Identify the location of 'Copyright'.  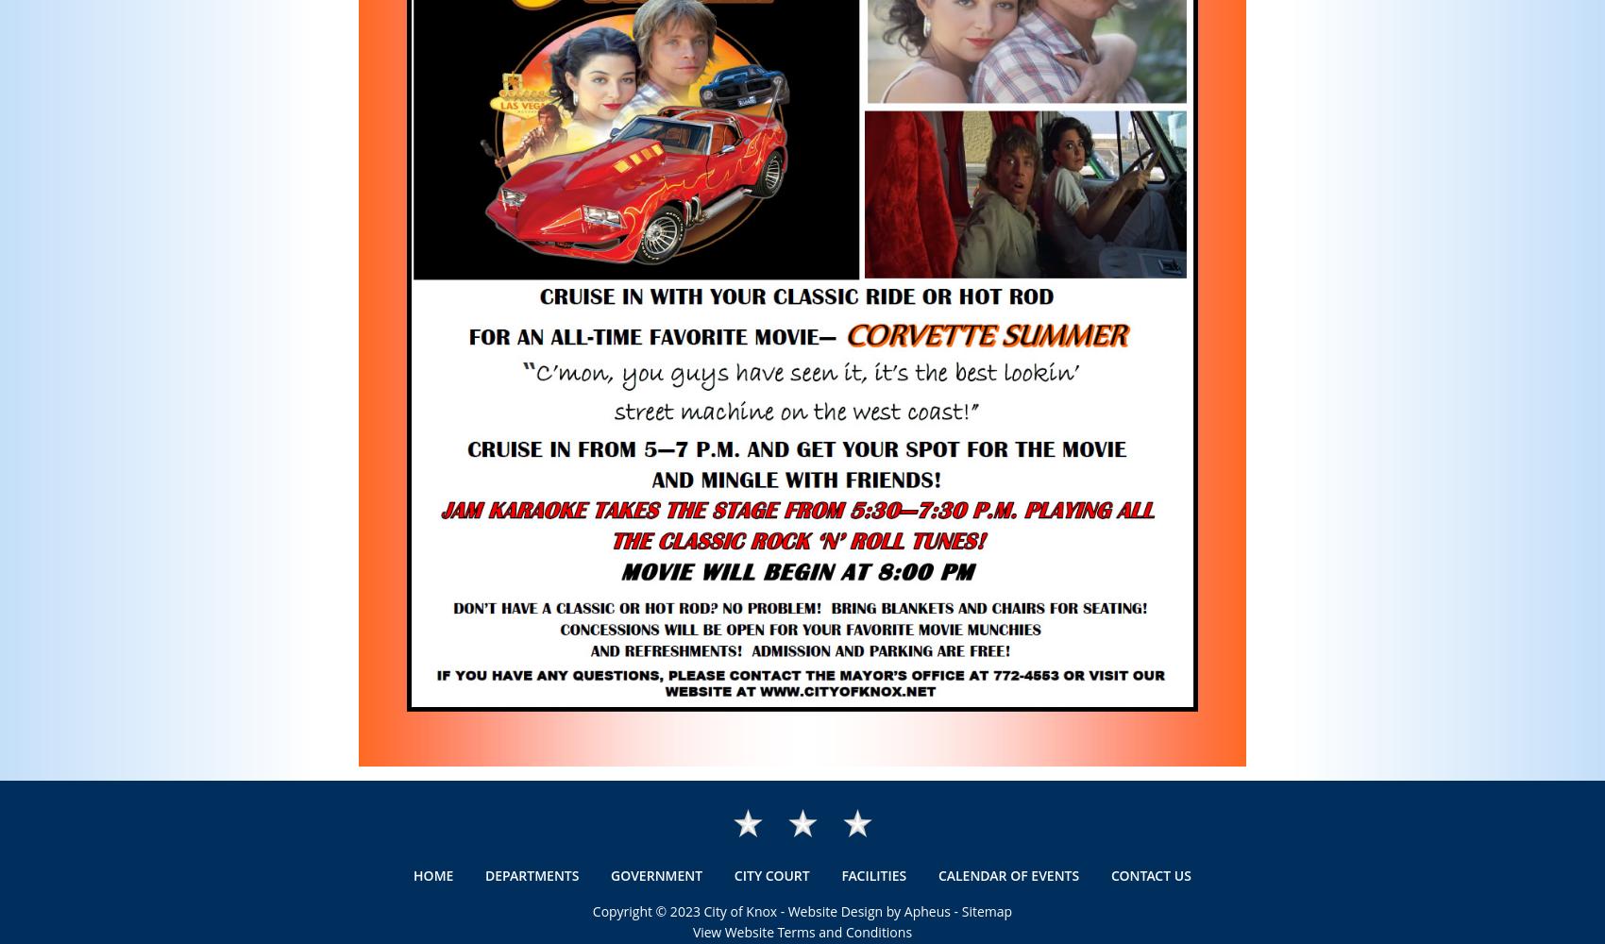
(623, 910).